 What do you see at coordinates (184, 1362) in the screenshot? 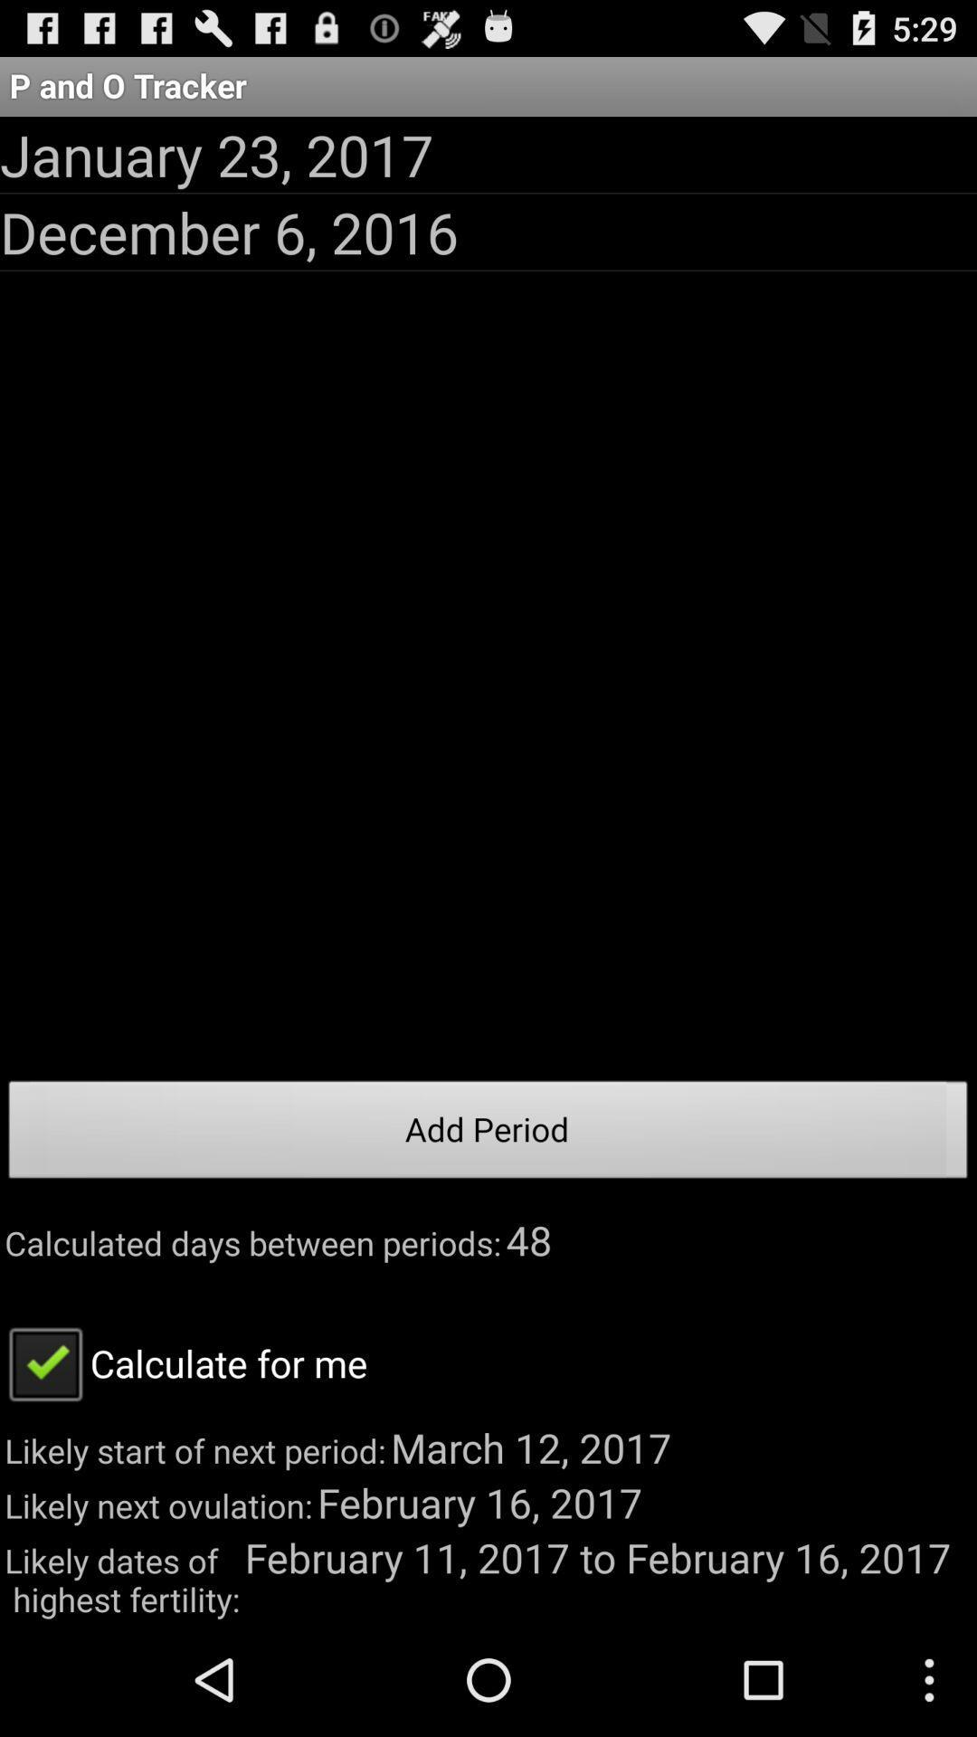
I see `the app above the likely start of item` at bounding box center [184, 1362].